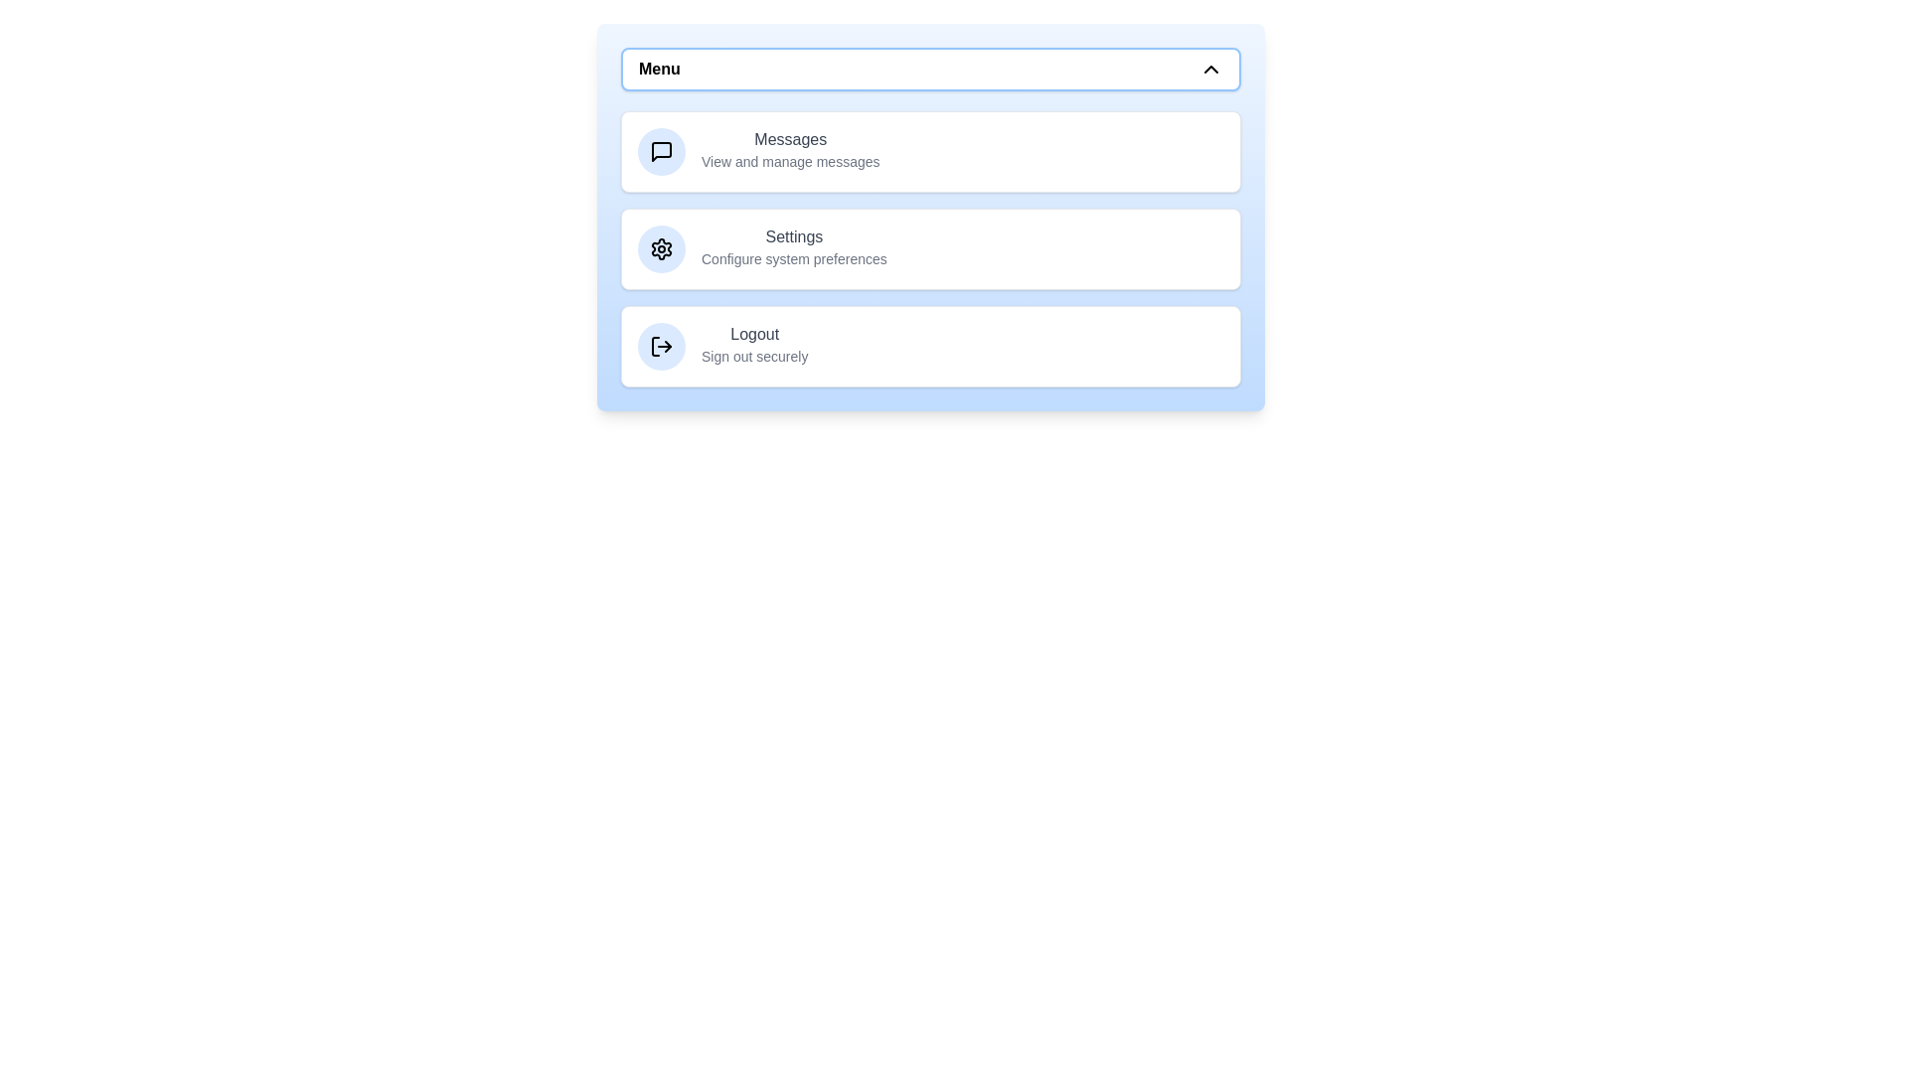 Image resolution: width=1908 pixels, height=1073 pixels. I want to click on the icon for Logout in the menu, so click(662, 345).